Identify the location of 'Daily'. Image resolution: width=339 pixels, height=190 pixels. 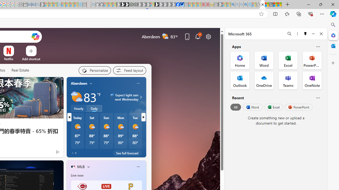
(94, 108).